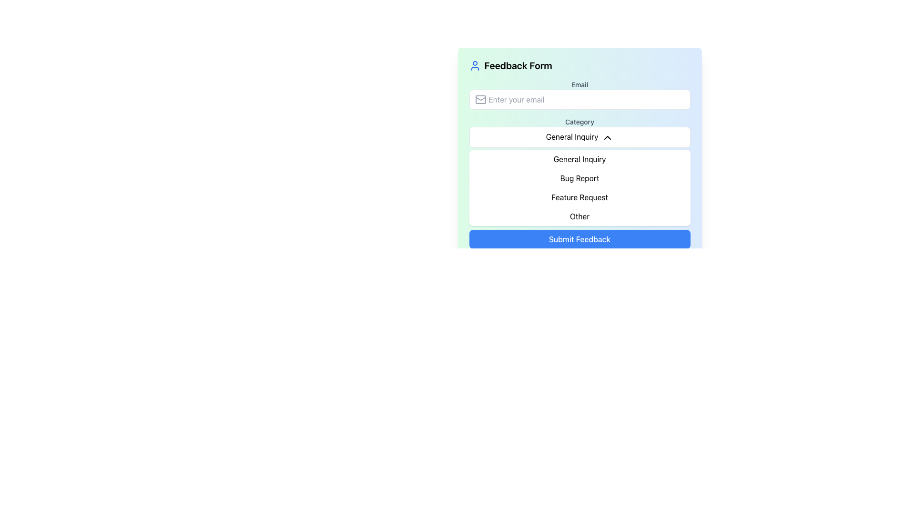 The width and height of the screenshot is (915, 515). I want to click on the user-related icon located to the left of the 'Feedback Form' heading at the top-left of the feedback form interface, so click(475, 65).